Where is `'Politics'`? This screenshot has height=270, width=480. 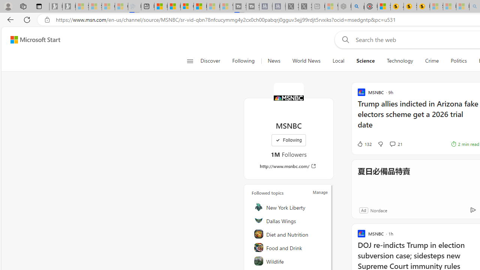 'Politics' is located at coordinates (458, 61).